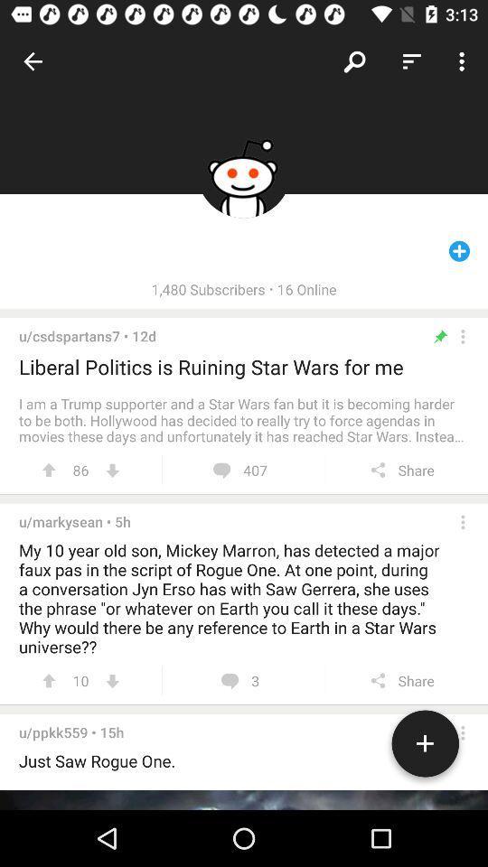 This screenshot has height=867, width=488. Describe the element at coordinates (463, 732) in the screenshot. I see `more options` at that location.